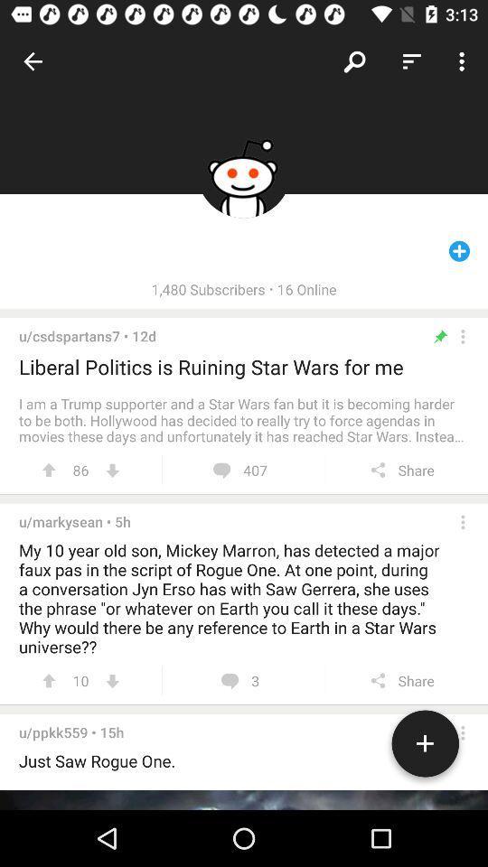 This screenshot has height=867, width=488. Describe the element at coordinates (463, 732) in the screenshot. I see `more options` at that location.